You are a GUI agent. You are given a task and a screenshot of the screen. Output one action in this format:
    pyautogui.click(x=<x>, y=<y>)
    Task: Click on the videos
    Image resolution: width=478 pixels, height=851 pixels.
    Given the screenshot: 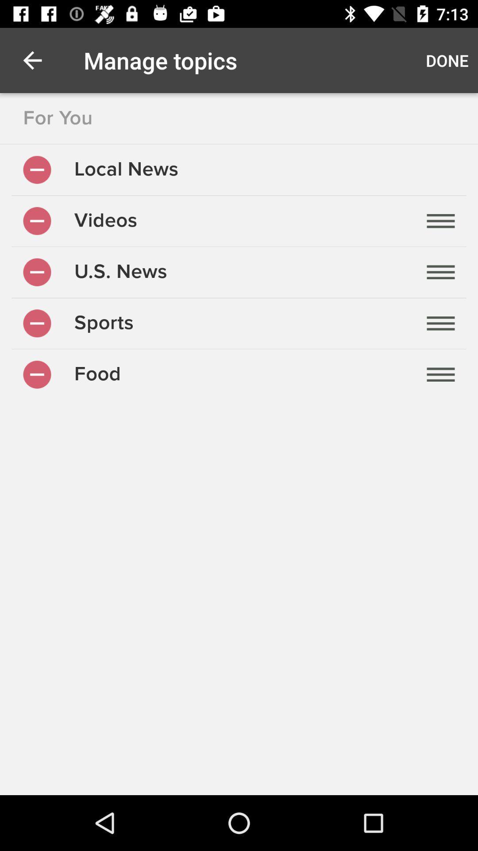 What is the action you would take?
    pyautogui.click(x=37, y=221)
    